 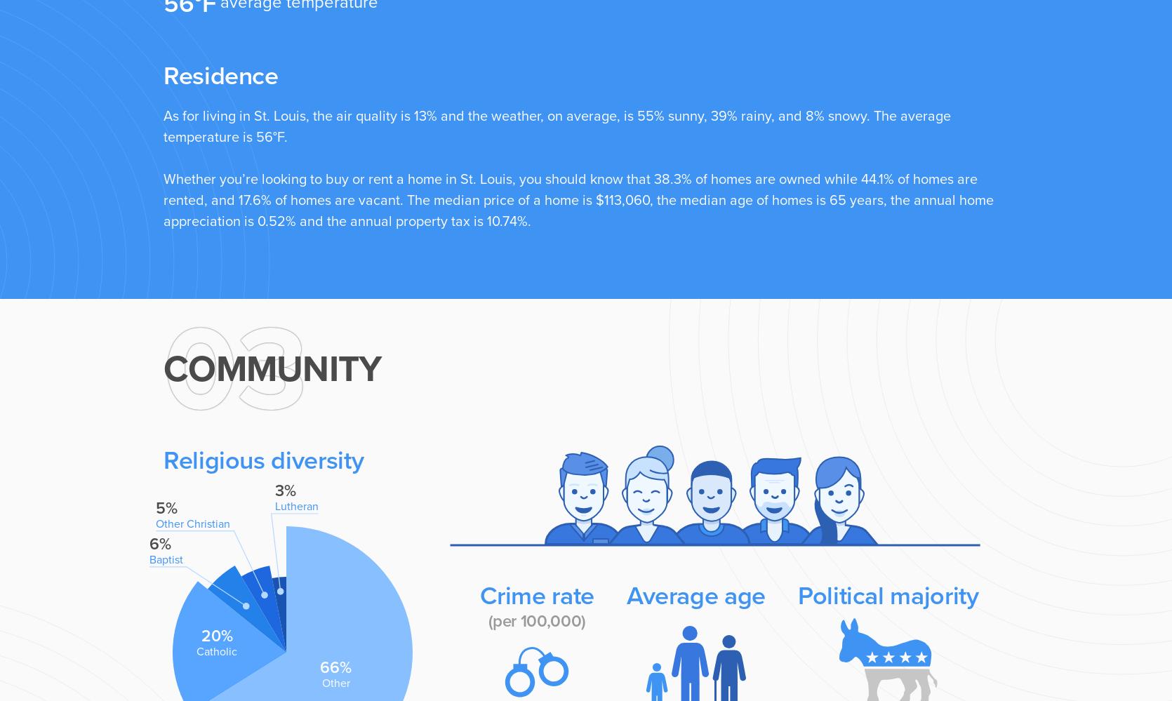 I want to click on 'Lutheran', so click(x=295, y=505).